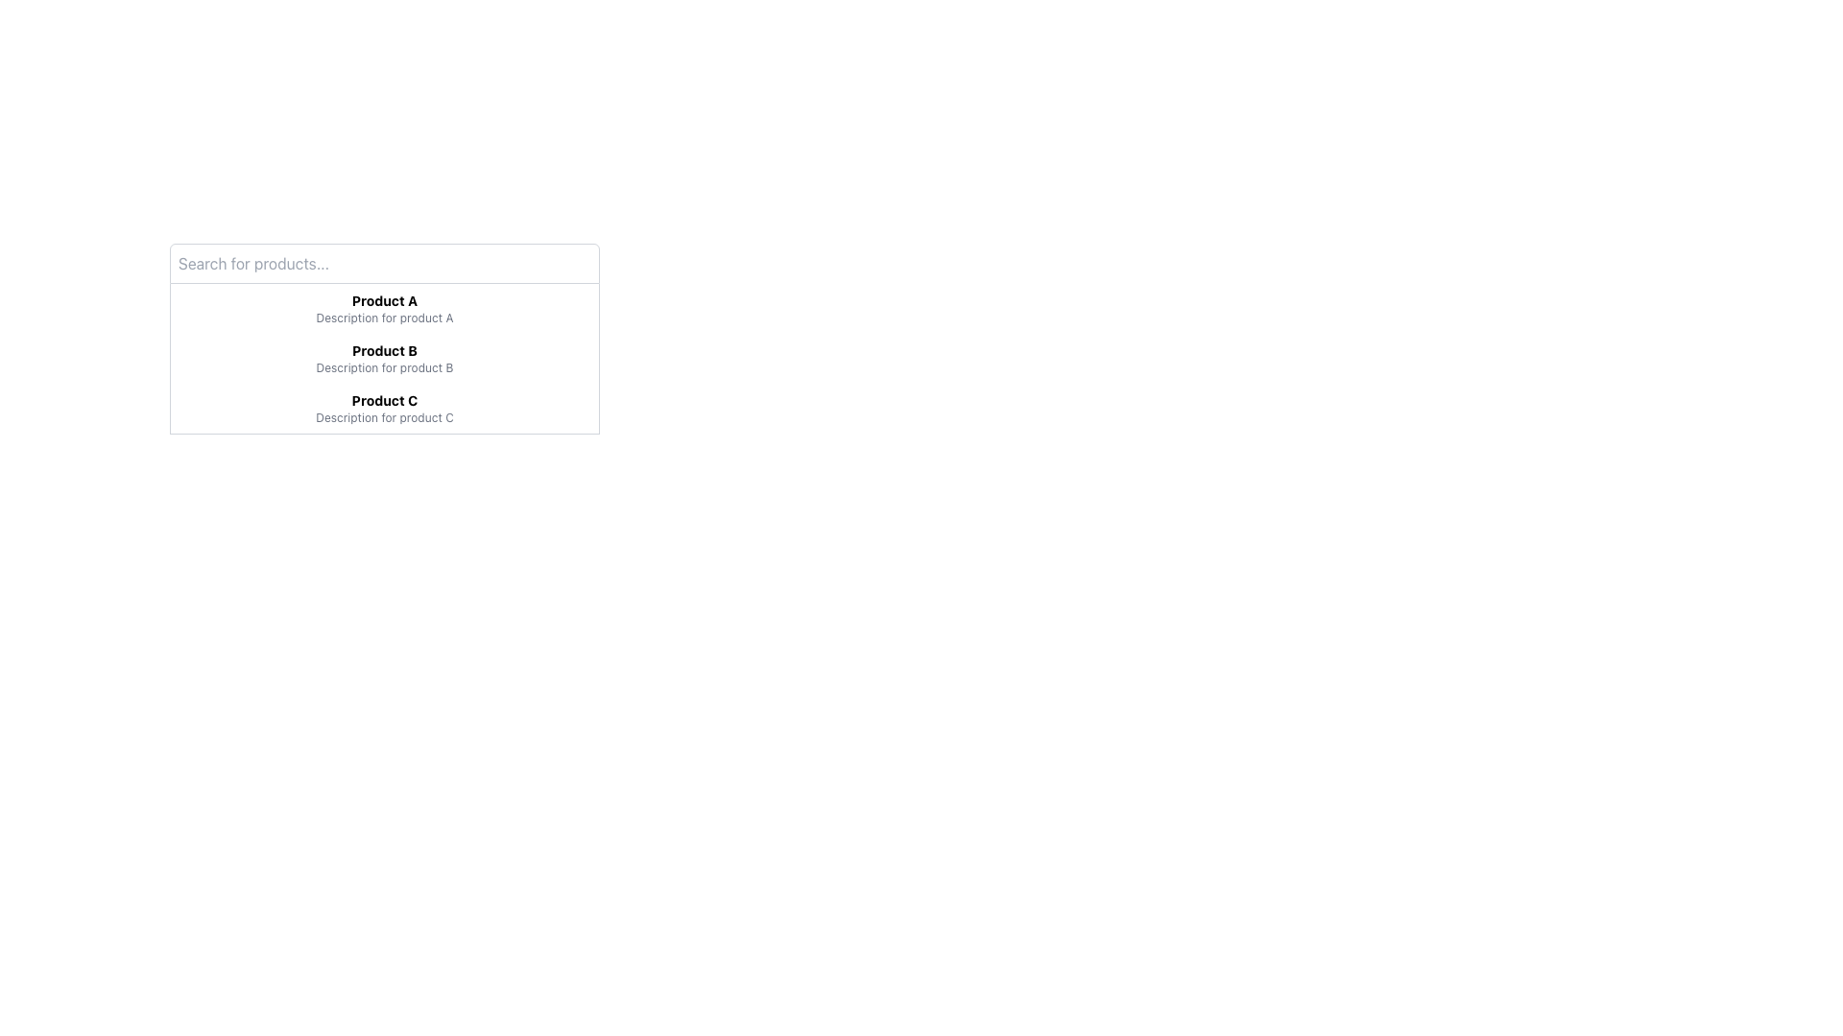 The height and width of the screenshot is (1036, 1843). I want to click on the bolded text label displaying 'Product A' at the top of the dropdown list to interact with the item, so click(384, 300).